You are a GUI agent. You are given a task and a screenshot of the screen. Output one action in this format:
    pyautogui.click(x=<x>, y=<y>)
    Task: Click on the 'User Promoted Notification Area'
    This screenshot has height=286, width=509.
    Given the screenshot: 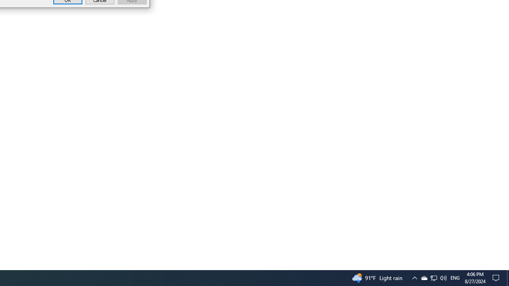 What is the action you would take?
    pyautogui.click(x=443, y=277)
    